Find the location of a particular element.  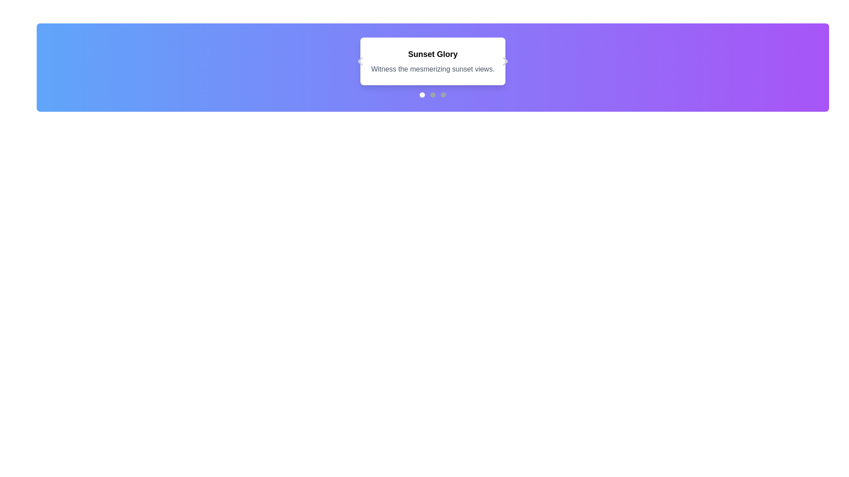

the second circular indicator with a gray background located below the 'Sunset Glory' title to change its background color is located at coordinates (433, 95).